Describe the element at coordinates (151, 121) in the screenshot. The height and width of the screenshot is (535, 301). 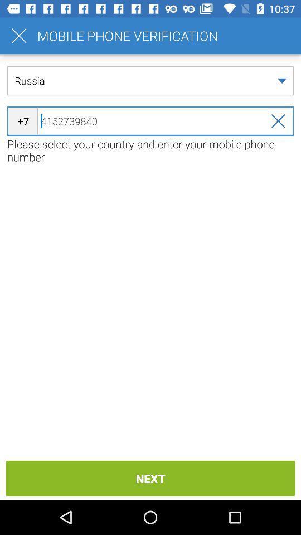
I see `icon above the please select your item` at that location.